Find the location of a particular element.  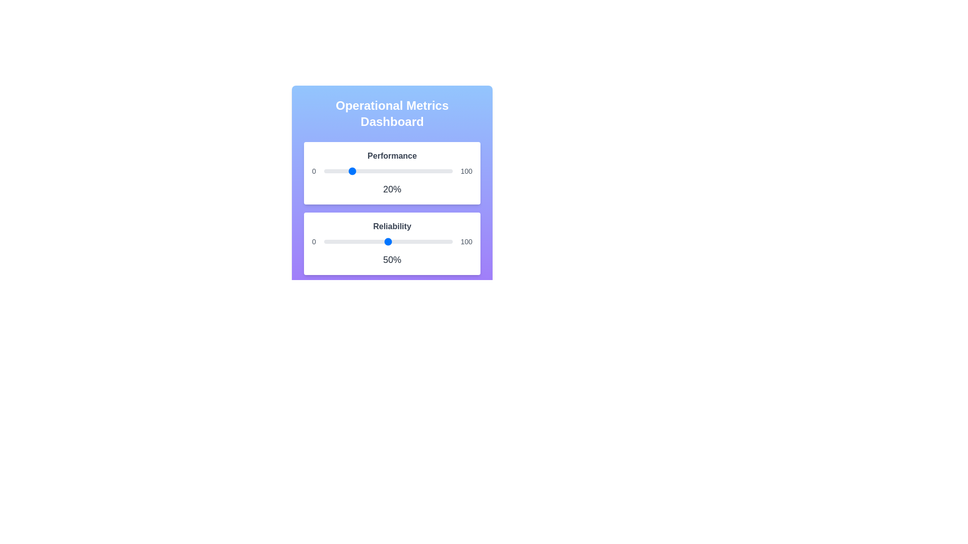

the Reliability slider is located at coordinates (442, 241).